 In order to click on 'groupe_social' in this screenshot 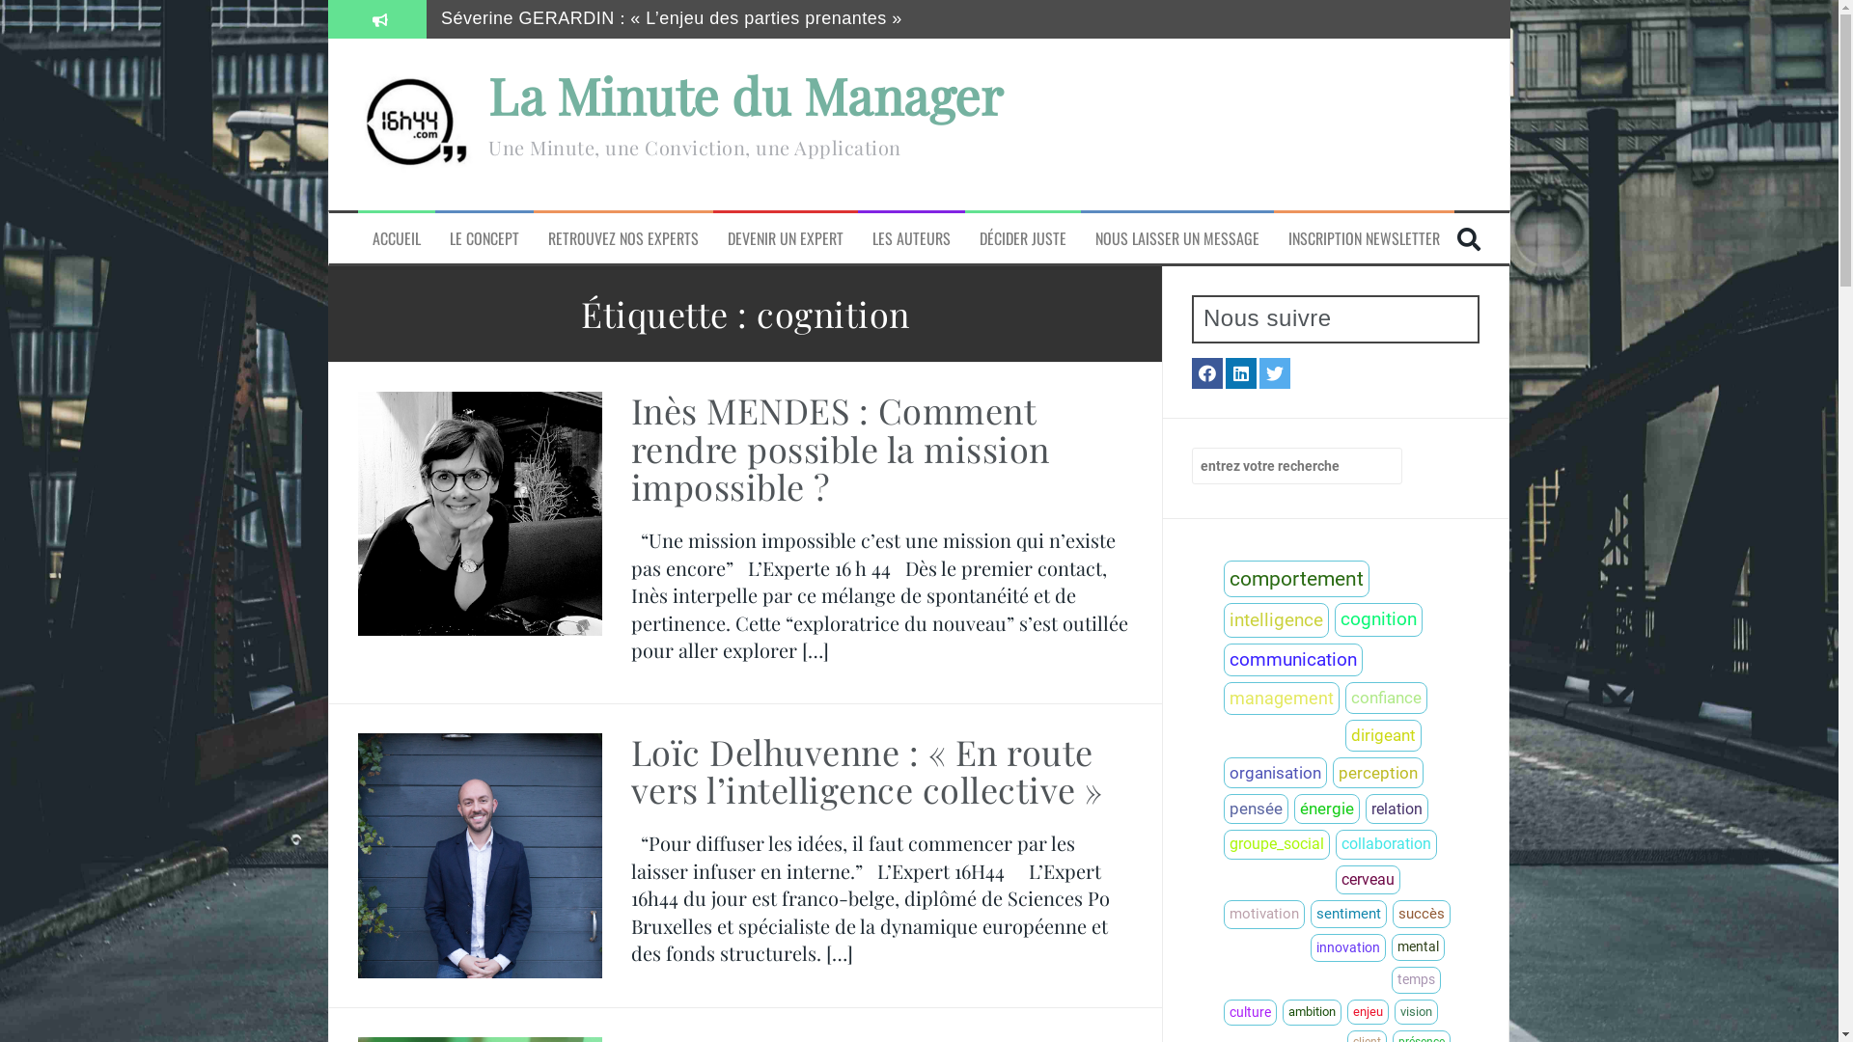, I will do `click(1277, 843)`.